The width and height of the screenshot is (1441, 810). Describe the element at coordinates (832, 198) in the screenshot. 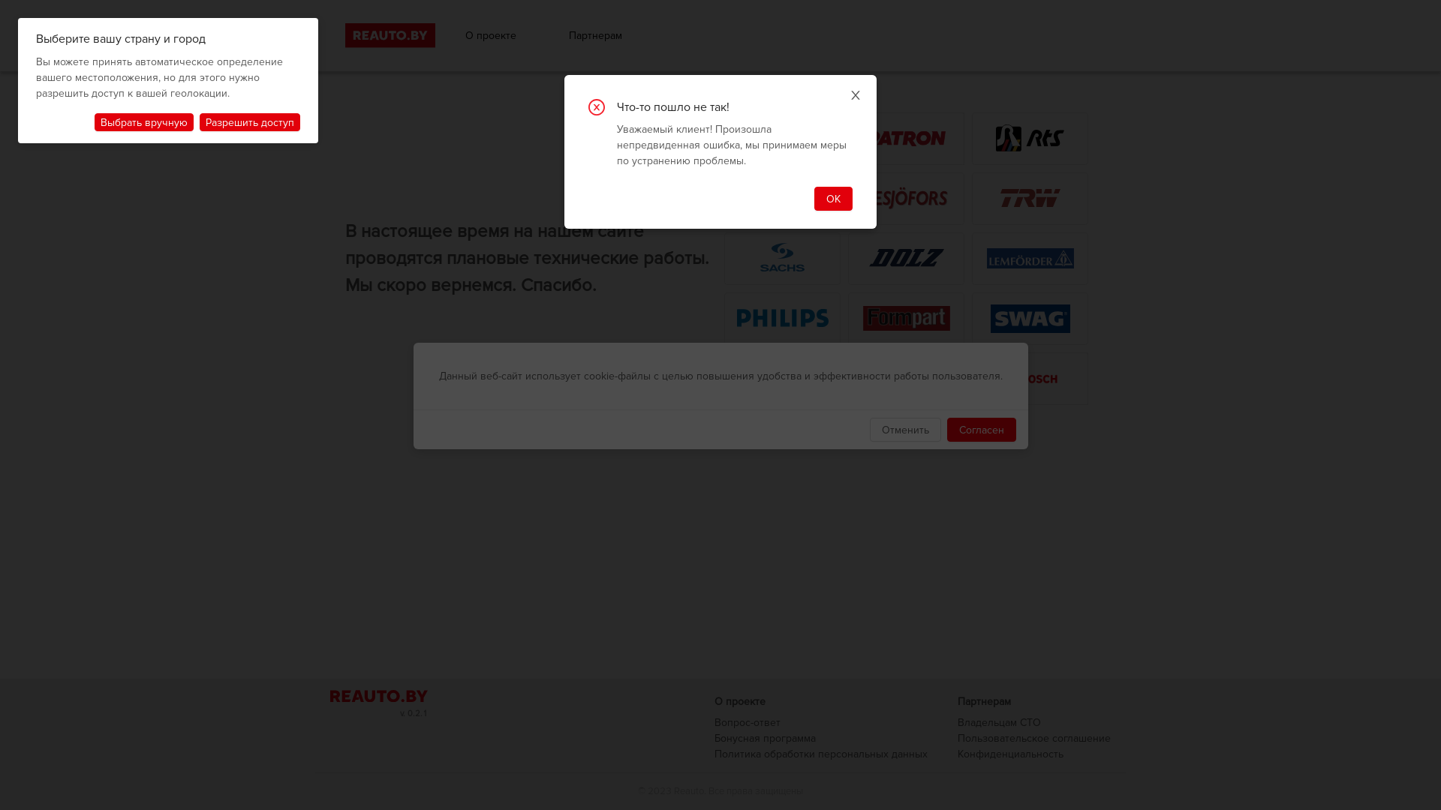

I see `'OK'` at that location.